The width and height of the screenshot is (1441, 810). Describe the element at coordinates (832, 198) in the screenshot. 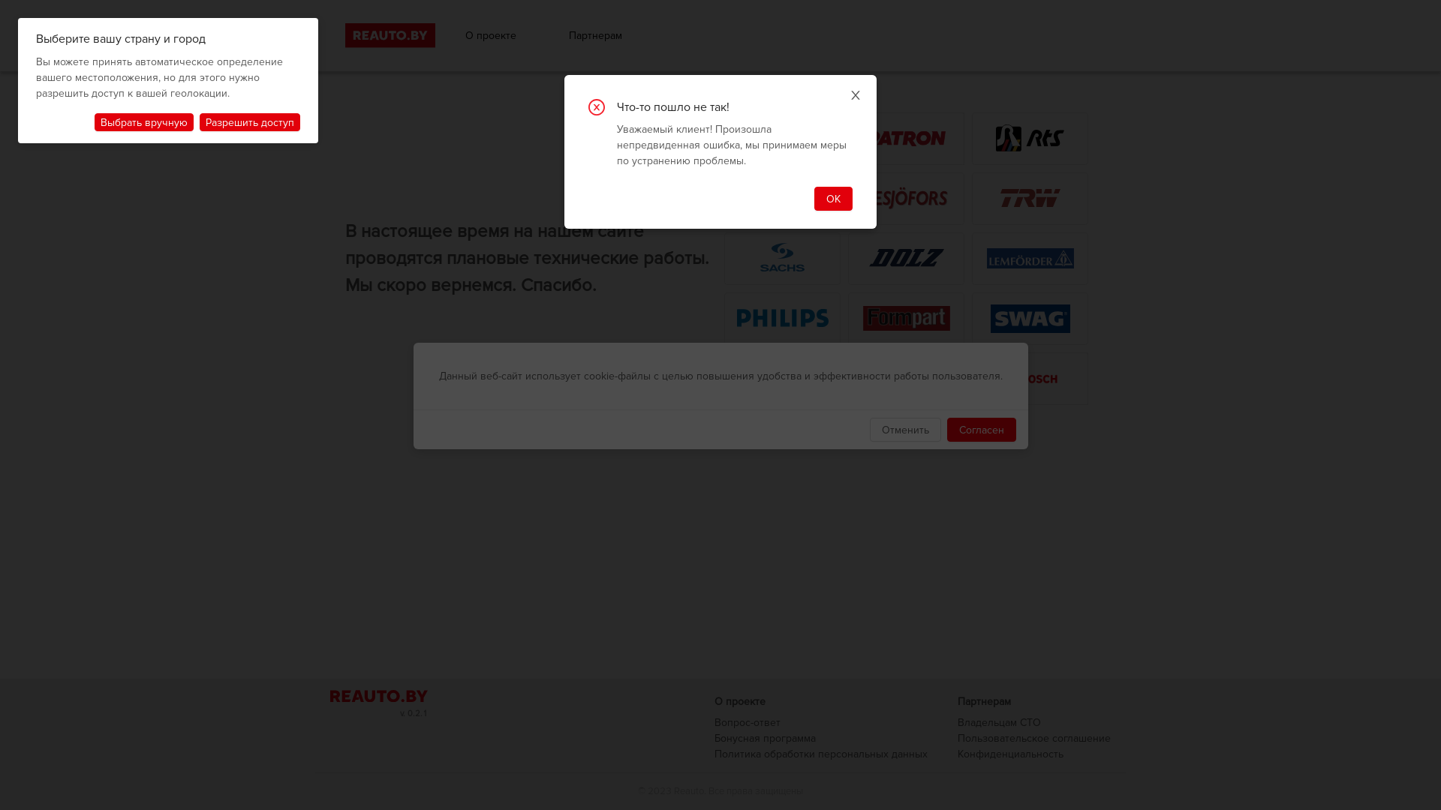

I see `'OK'` at that location.